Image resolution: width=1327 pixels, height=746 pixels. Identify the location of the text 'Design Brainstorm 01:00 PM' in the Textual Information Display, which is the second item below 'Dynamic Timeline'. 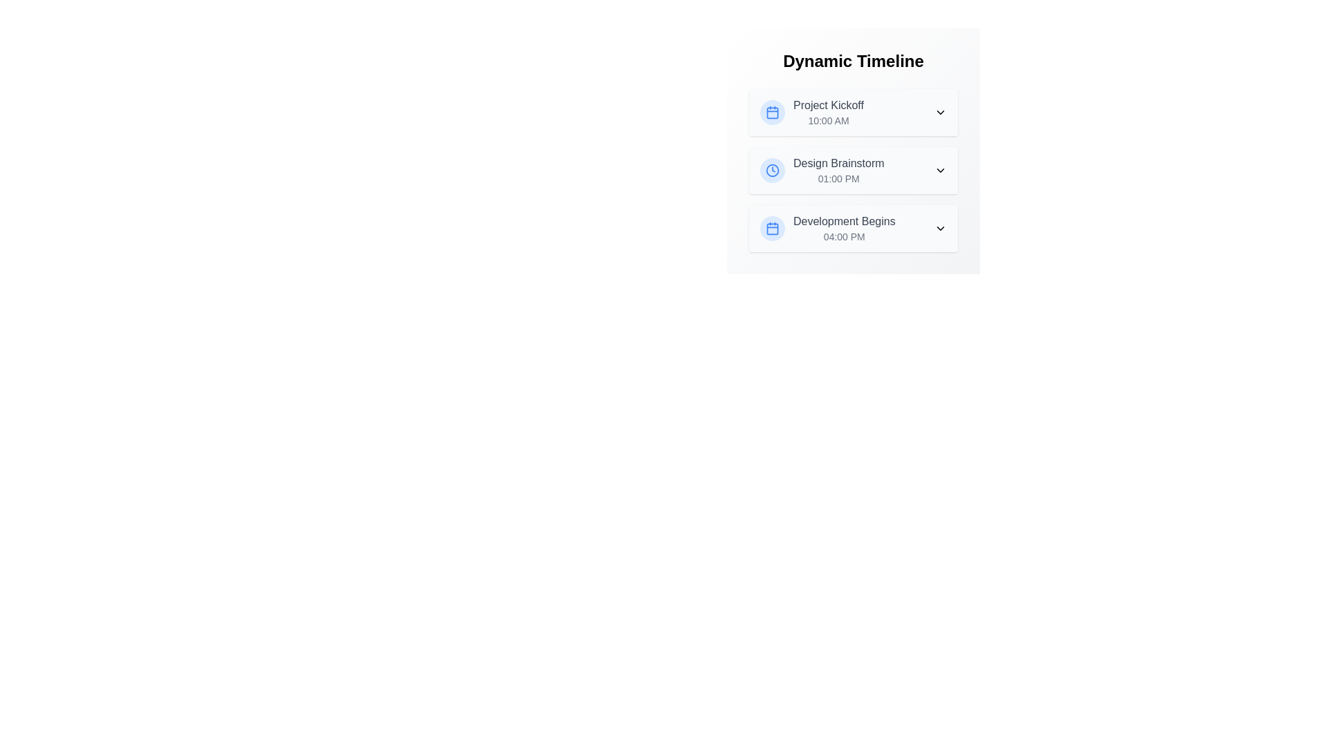
(852, 169).